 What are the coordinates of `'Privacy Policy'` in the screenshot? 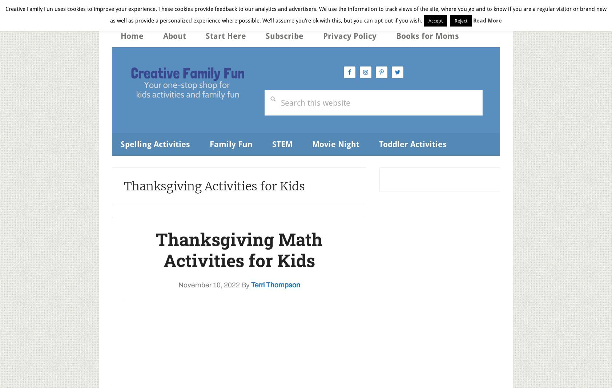 It's located at (349, 36).